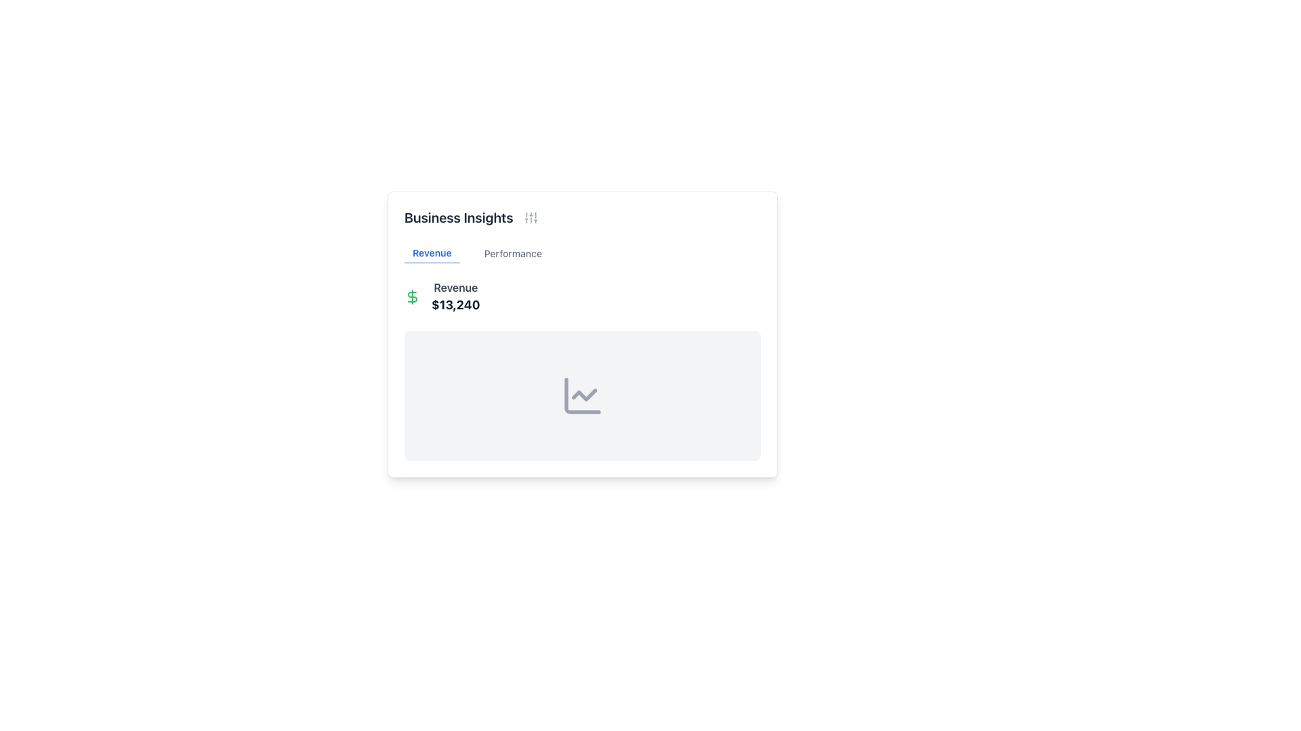  Describe the element at coordinates (582, 396) in the screenshot. I see `the analytical icon located in the lower gray area of the 'Business Insights' card in the 'Revenue' section` at that location.